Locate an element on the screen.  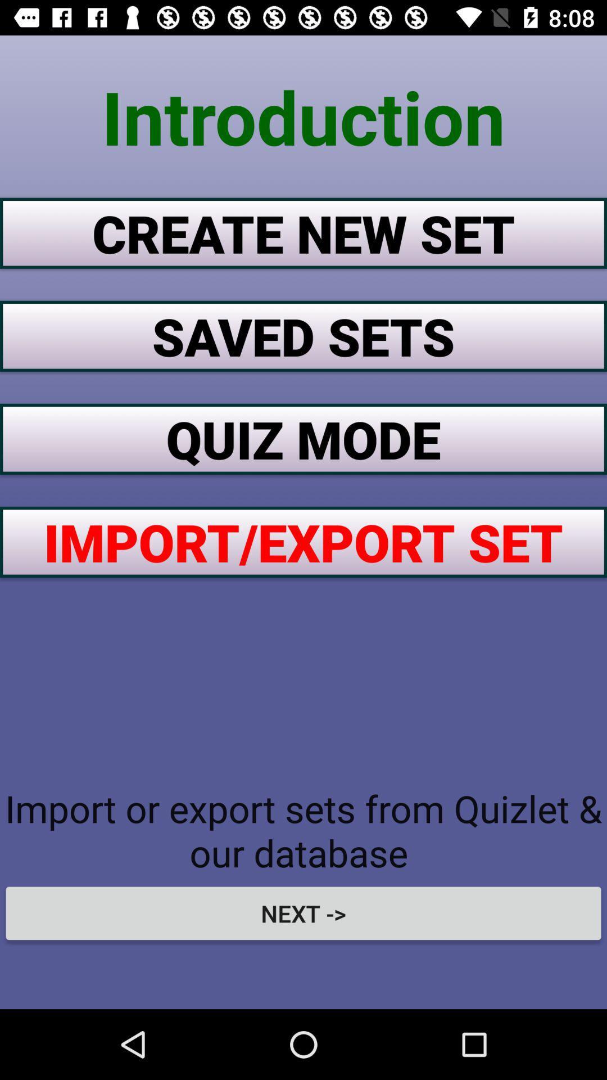
the app below the import or export icon is located at coordinates (303, 913).